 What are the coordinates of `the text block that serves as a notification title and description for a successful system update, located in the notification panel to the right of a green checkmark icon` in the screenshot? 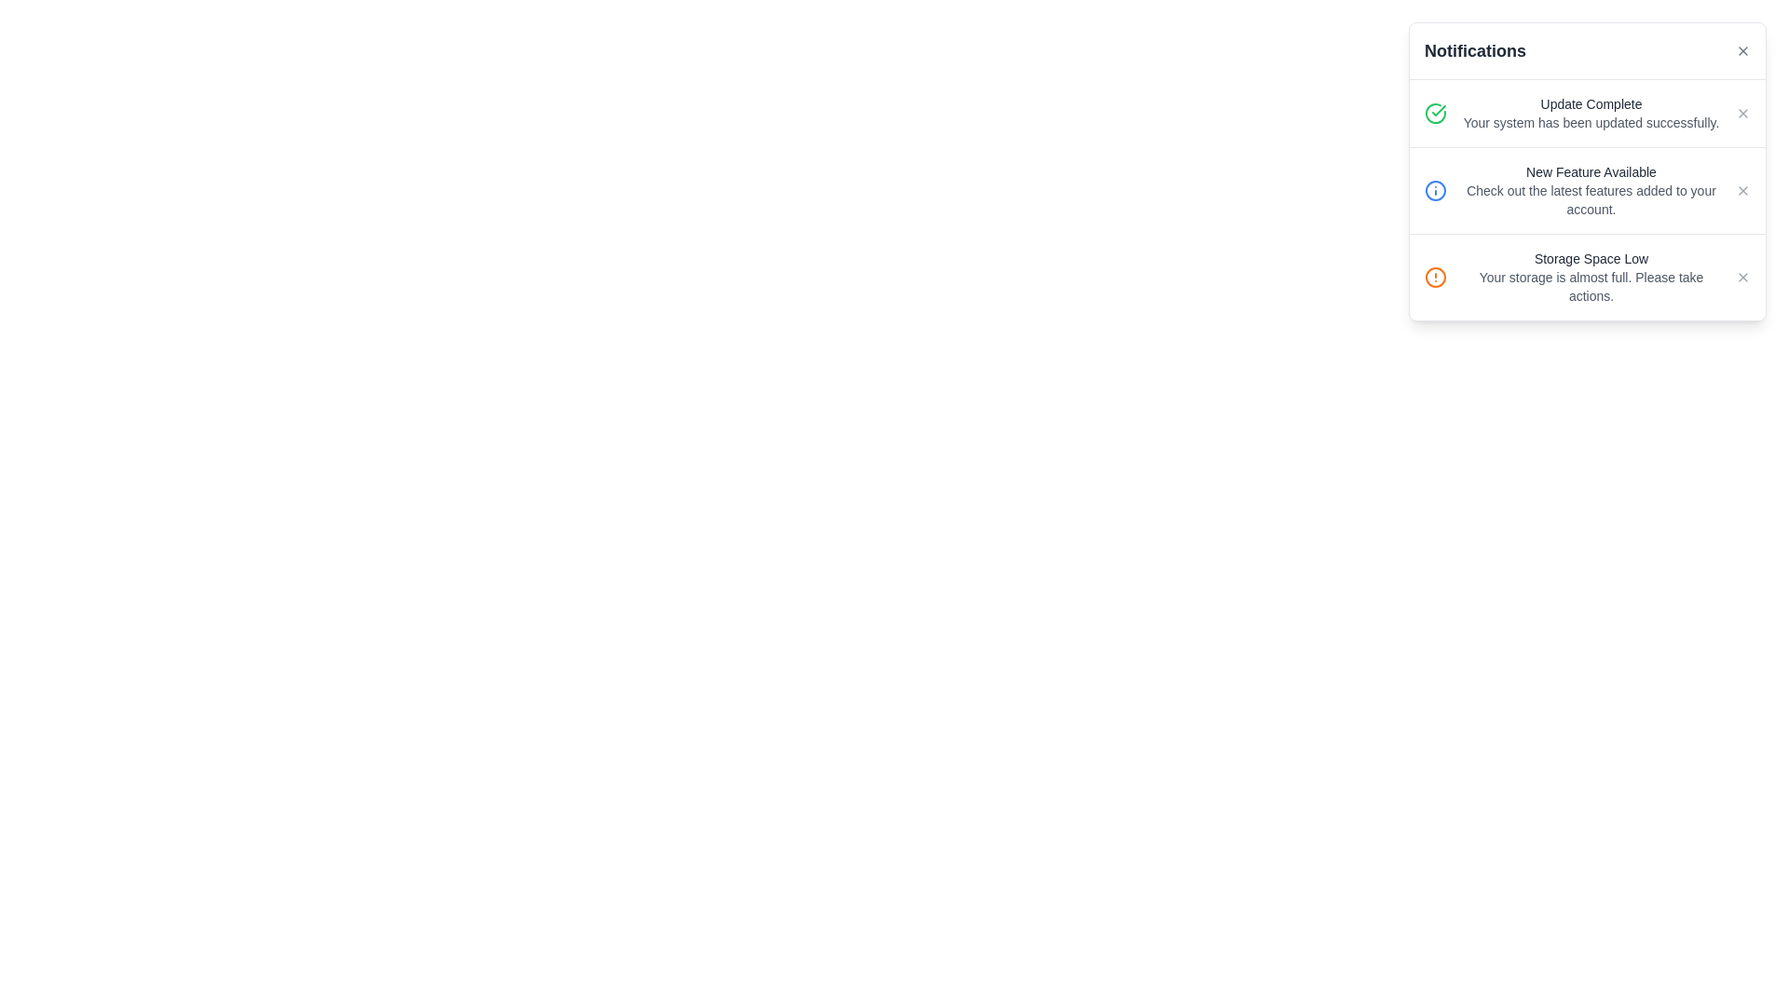 It's located at (1591, 114).